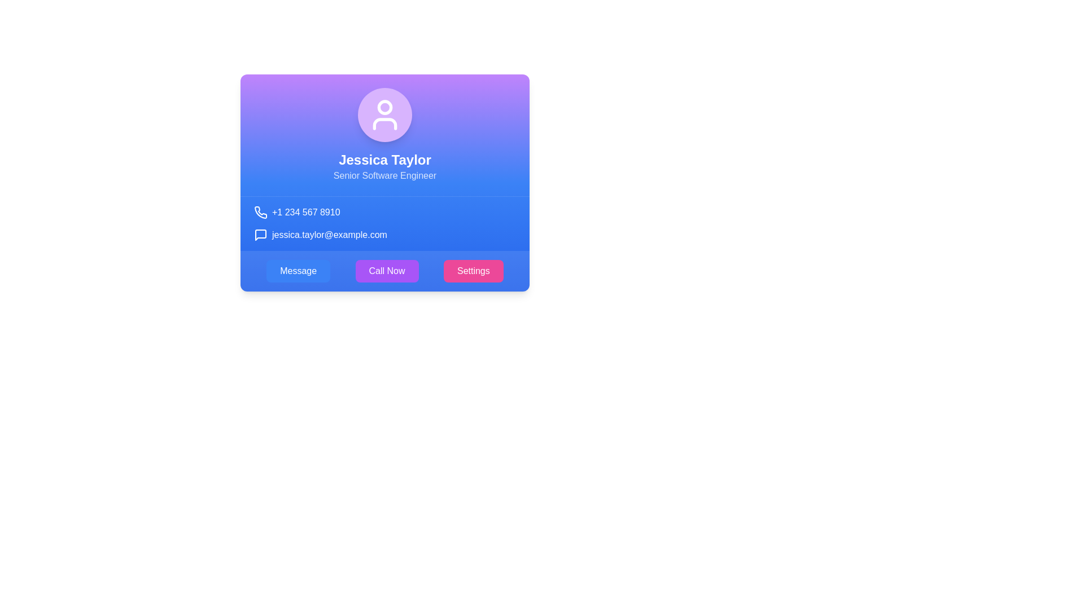  Describe the element at coordinates (384, 176) in the screenshot. I see `the text label indicating the professional designation of the user, located under 'Jessica Taylor' in the card layout` at that location.